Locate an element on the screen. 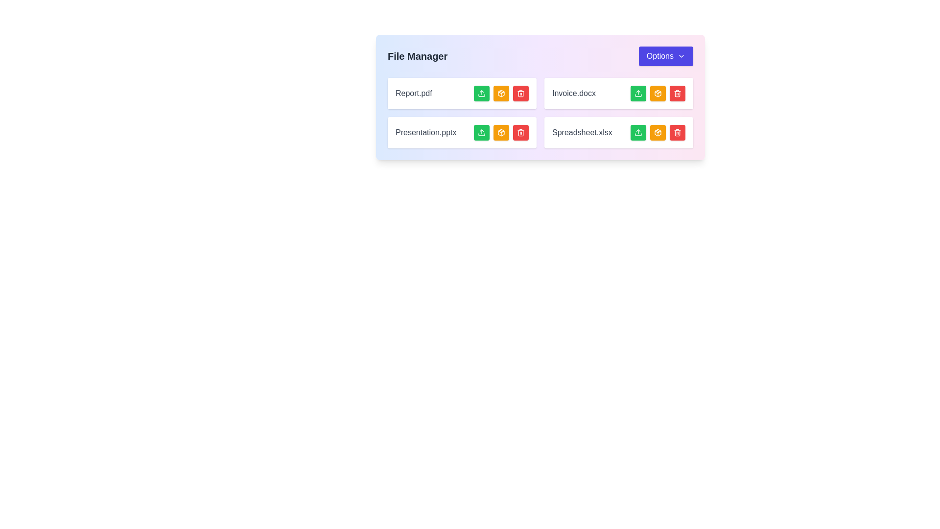 The image size is (940, 529). the red rectangular delete button with a trash bin icon in the 'File Manager' section is located at coordinates (520, 94).